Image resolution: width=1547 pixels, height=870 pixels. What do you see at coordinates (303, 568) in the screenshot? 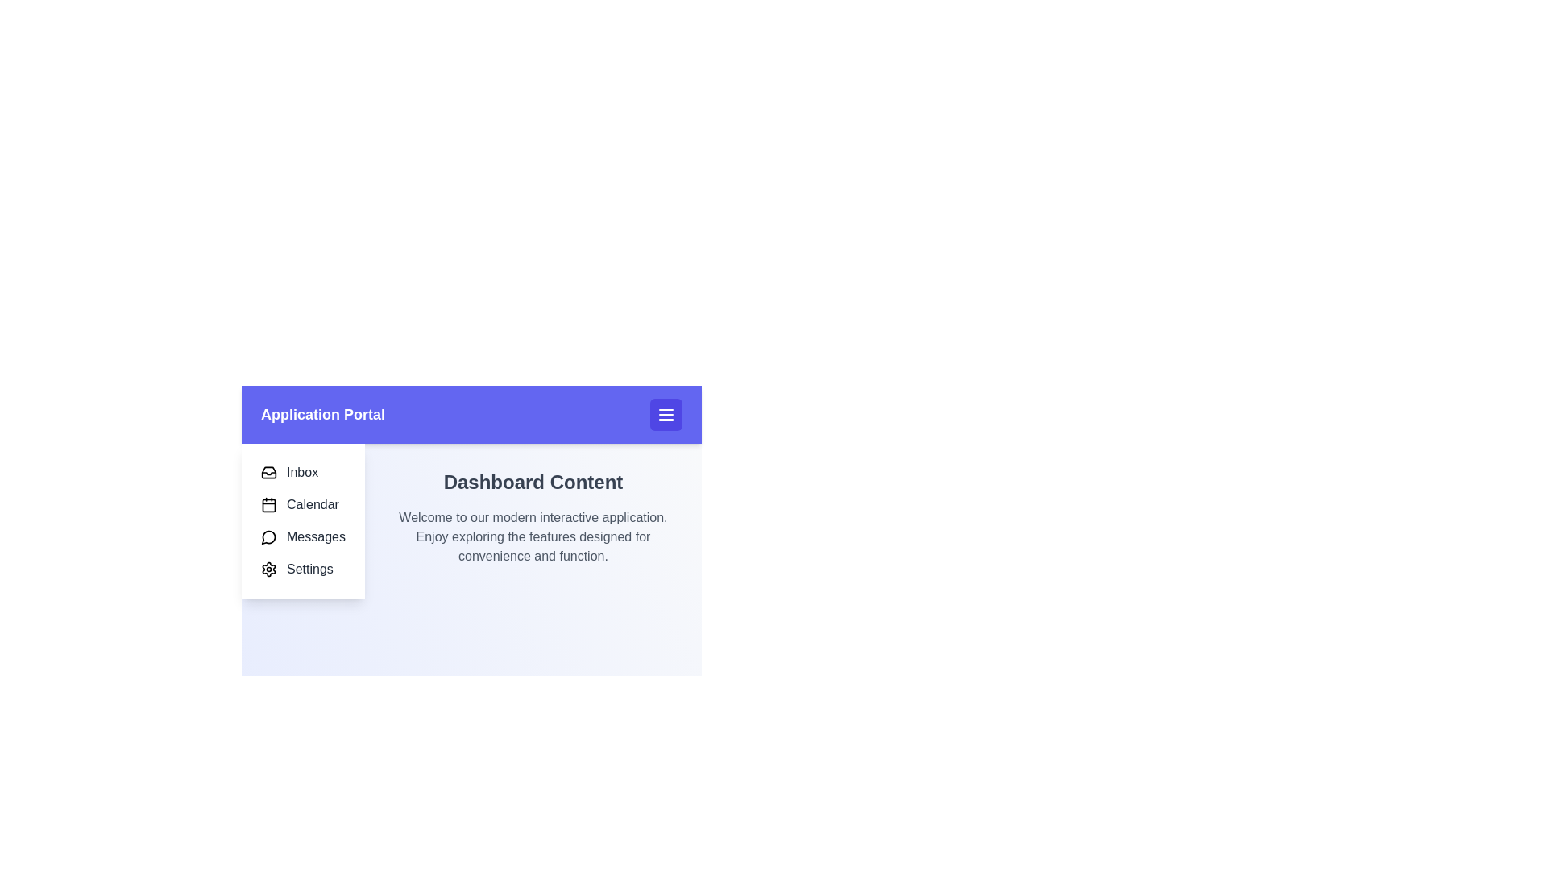
I see `the 'Settings' menu item, which features a cogwheel icon and bold gray text, positioned as the fourth item in the vertical navigation menu` at bounding box center [303, 568].